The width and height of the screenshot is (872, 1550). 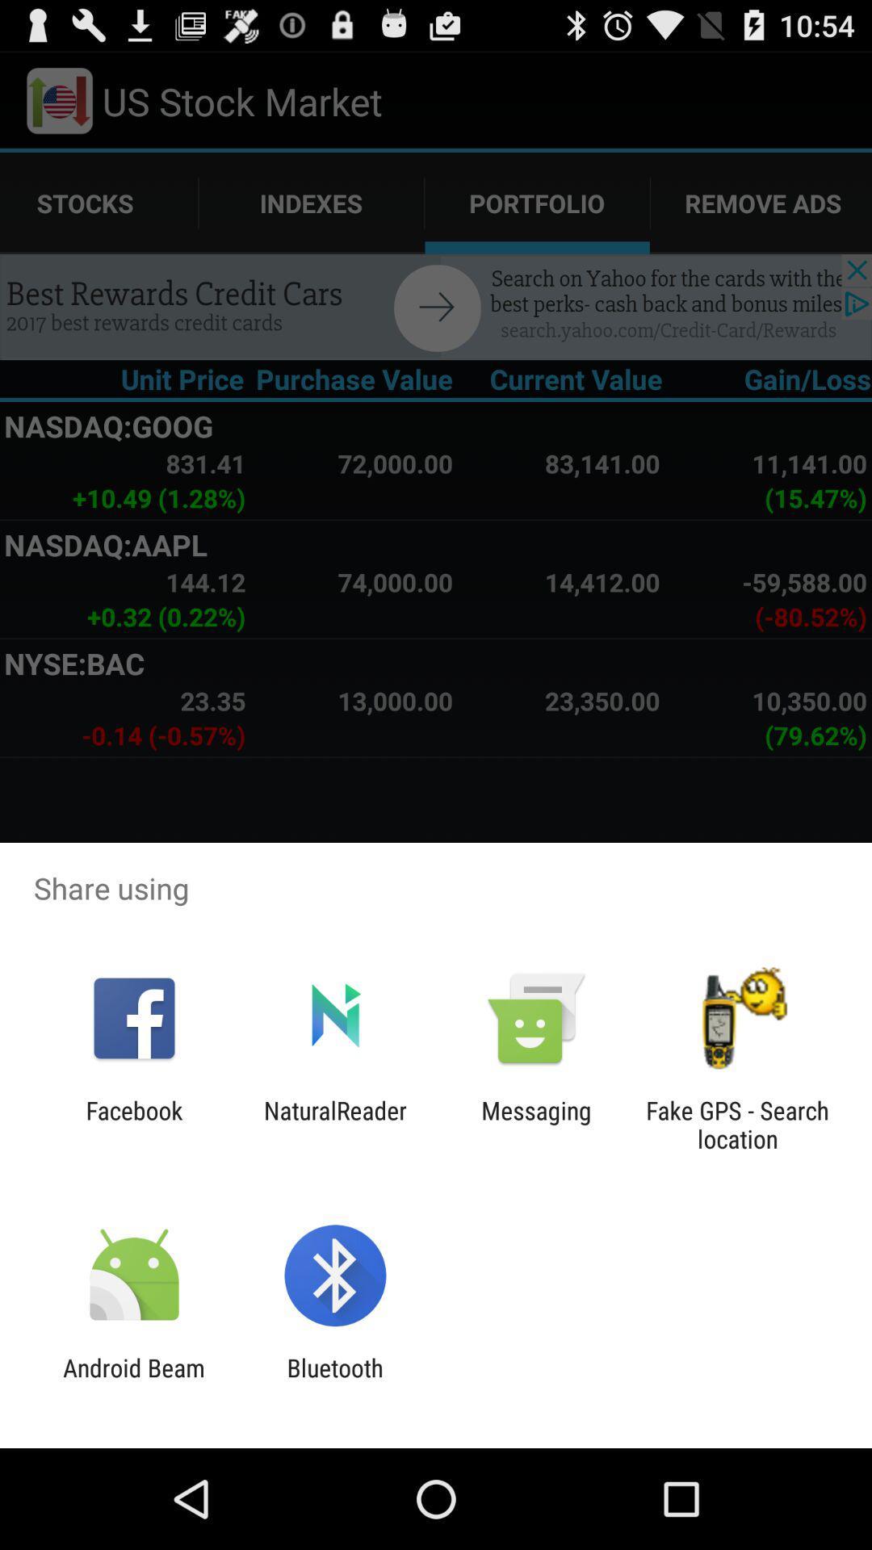 What do you see at coordinates (133, 1381) in the screenshot?
I see `android beam app` at bounding box center [133, 1381].